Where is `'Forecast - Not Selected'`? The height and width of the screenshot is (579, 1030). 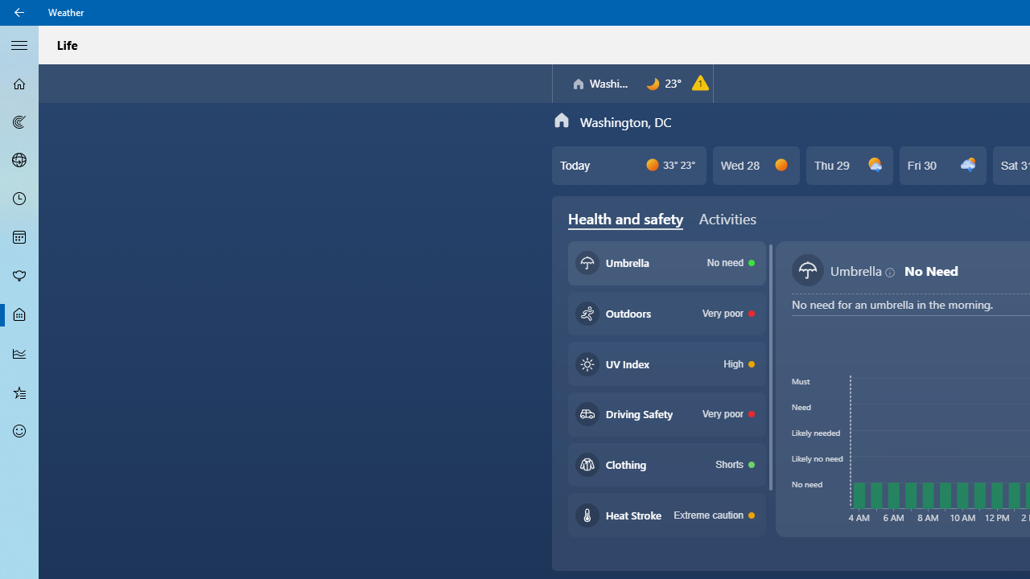 'Forecast - Not Selected' is located at coordinates (19, 84).